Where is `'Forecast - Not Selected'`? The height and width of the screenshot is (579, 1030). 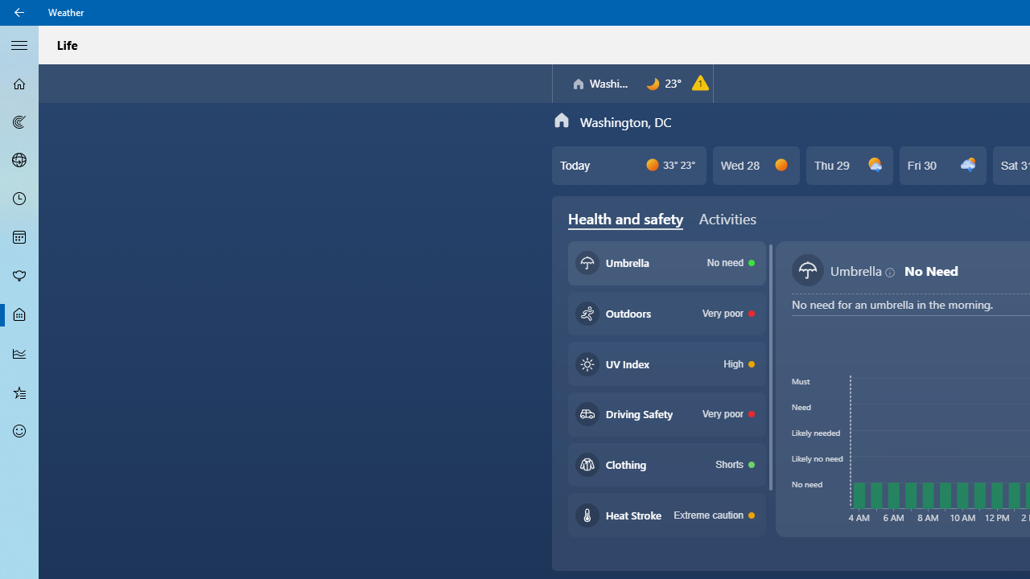 'Forecast - Not Selected' is located at coordinates (19, 84).